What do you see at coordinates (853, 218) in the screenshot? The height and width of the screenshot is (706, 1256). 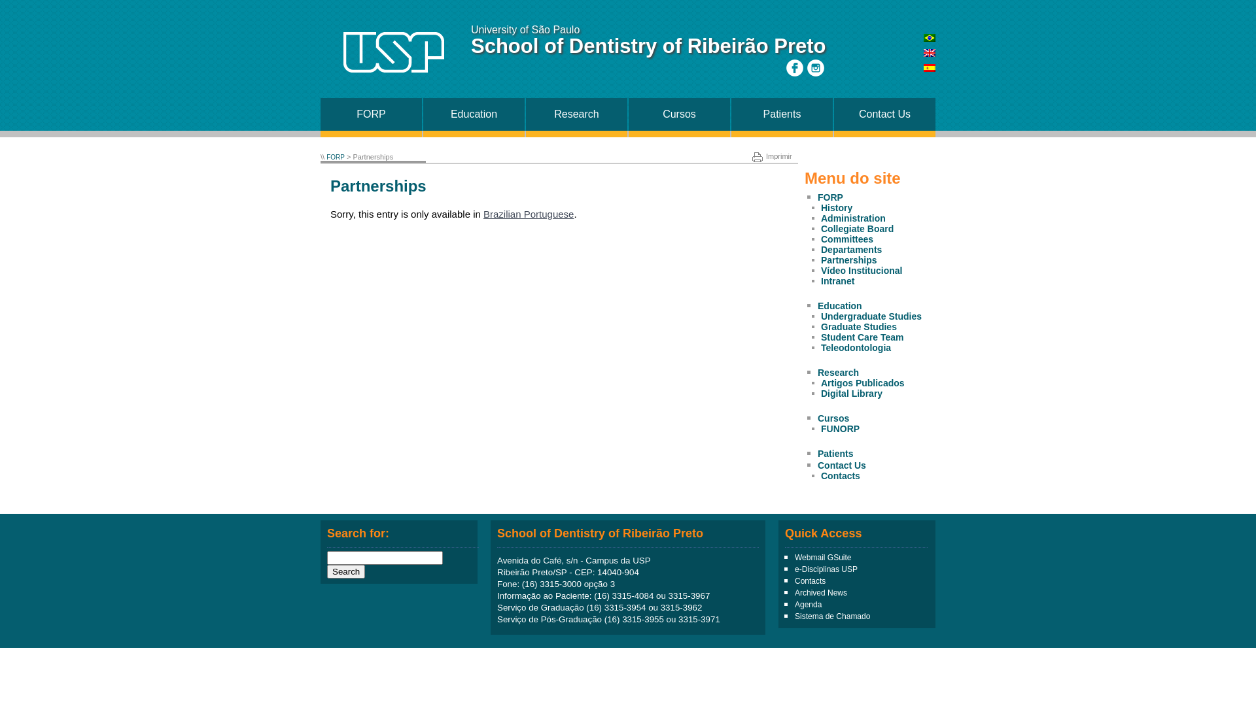 I see `'Administration'` at bounding box center [853, 218].